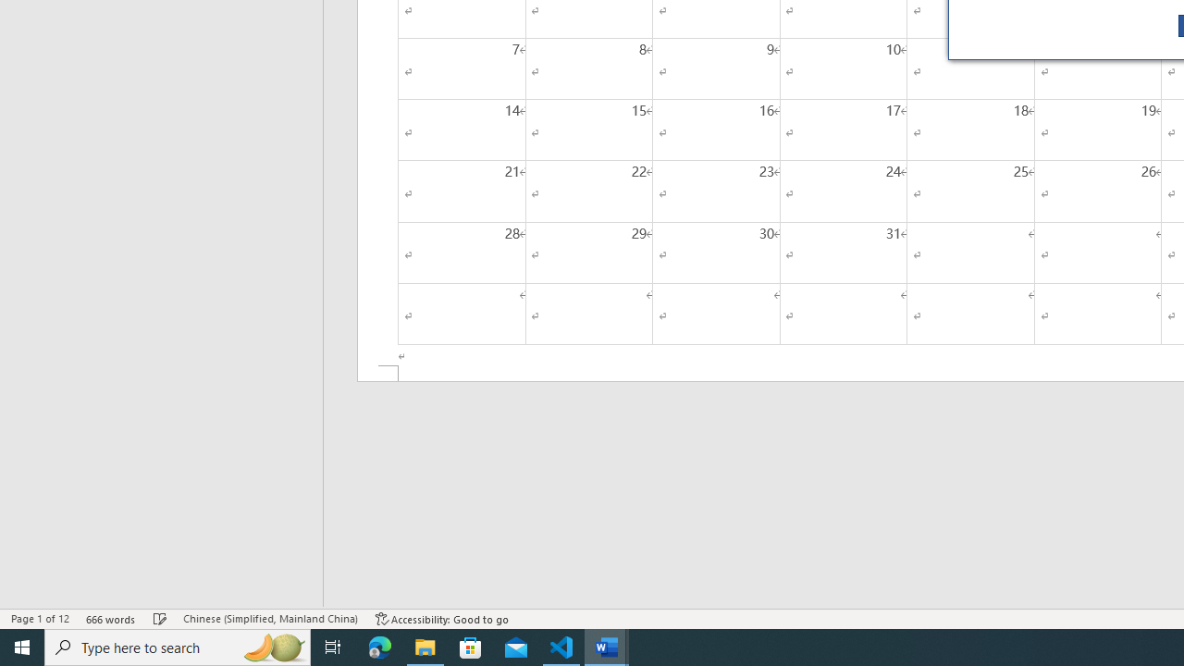 This screenshot has height=666, width=1184. What do you see at coordinates (425, 646) in the screenshot?
I see `'File Explorer - 1 running window'` at bounding box center [425, 646].